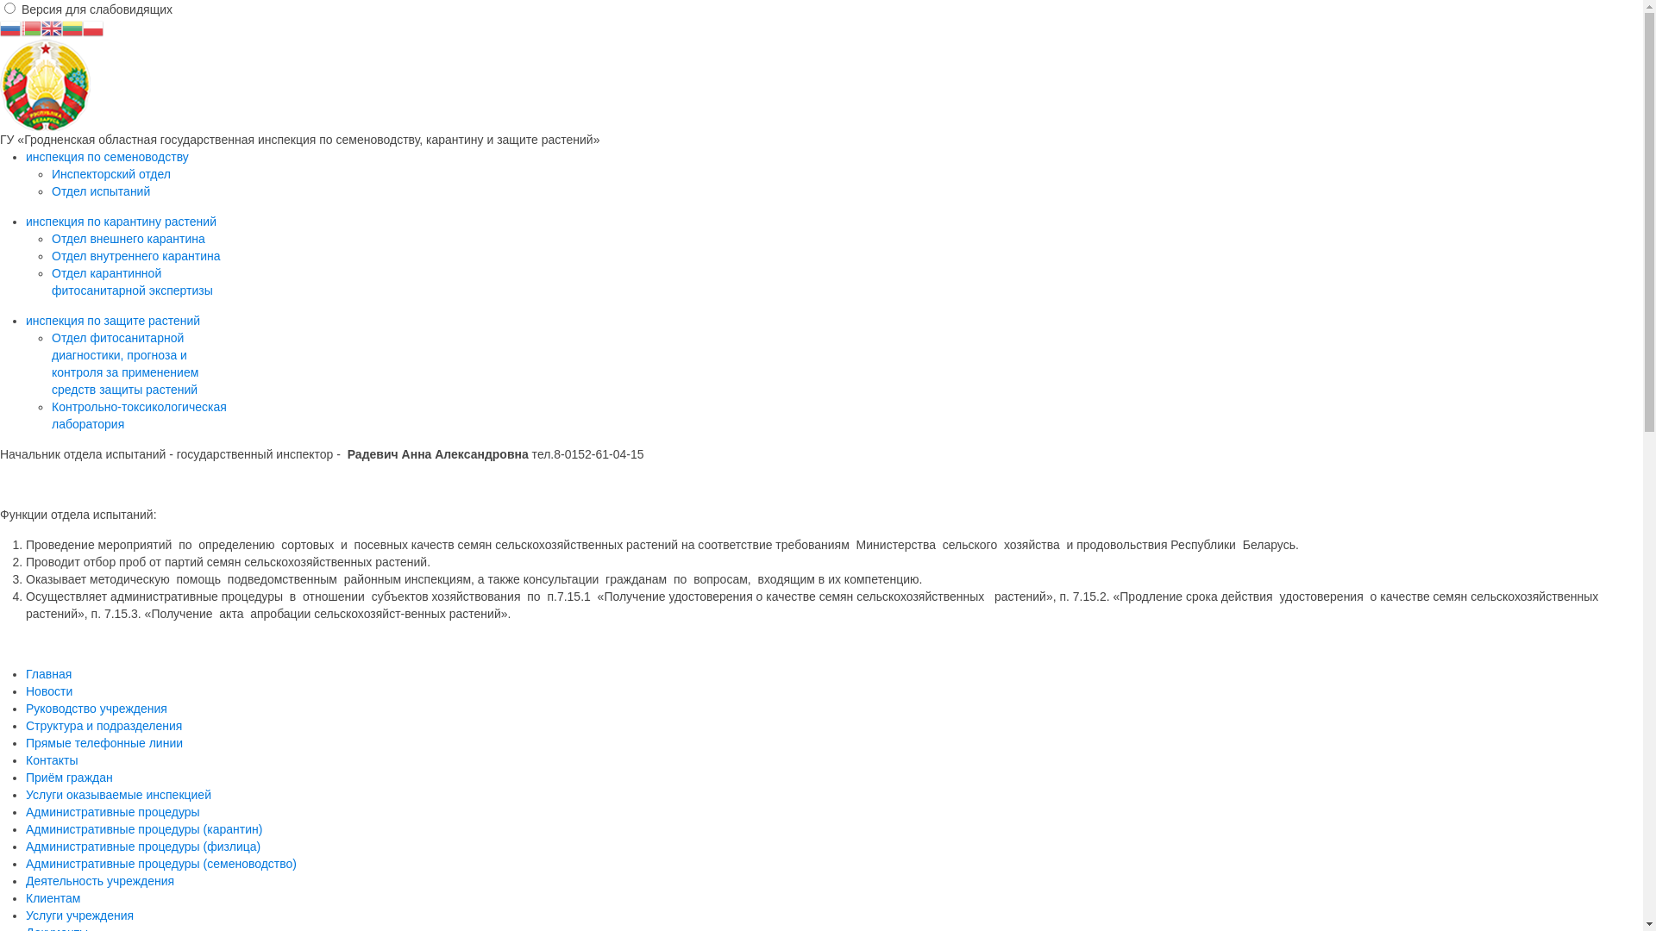 Image resolution: width=1656 pixels, height=931 pixels. What do you see at coordinates (71, 27) in the screenshot?
I see `'Lithuanian'` at bounding box center [71, 27].